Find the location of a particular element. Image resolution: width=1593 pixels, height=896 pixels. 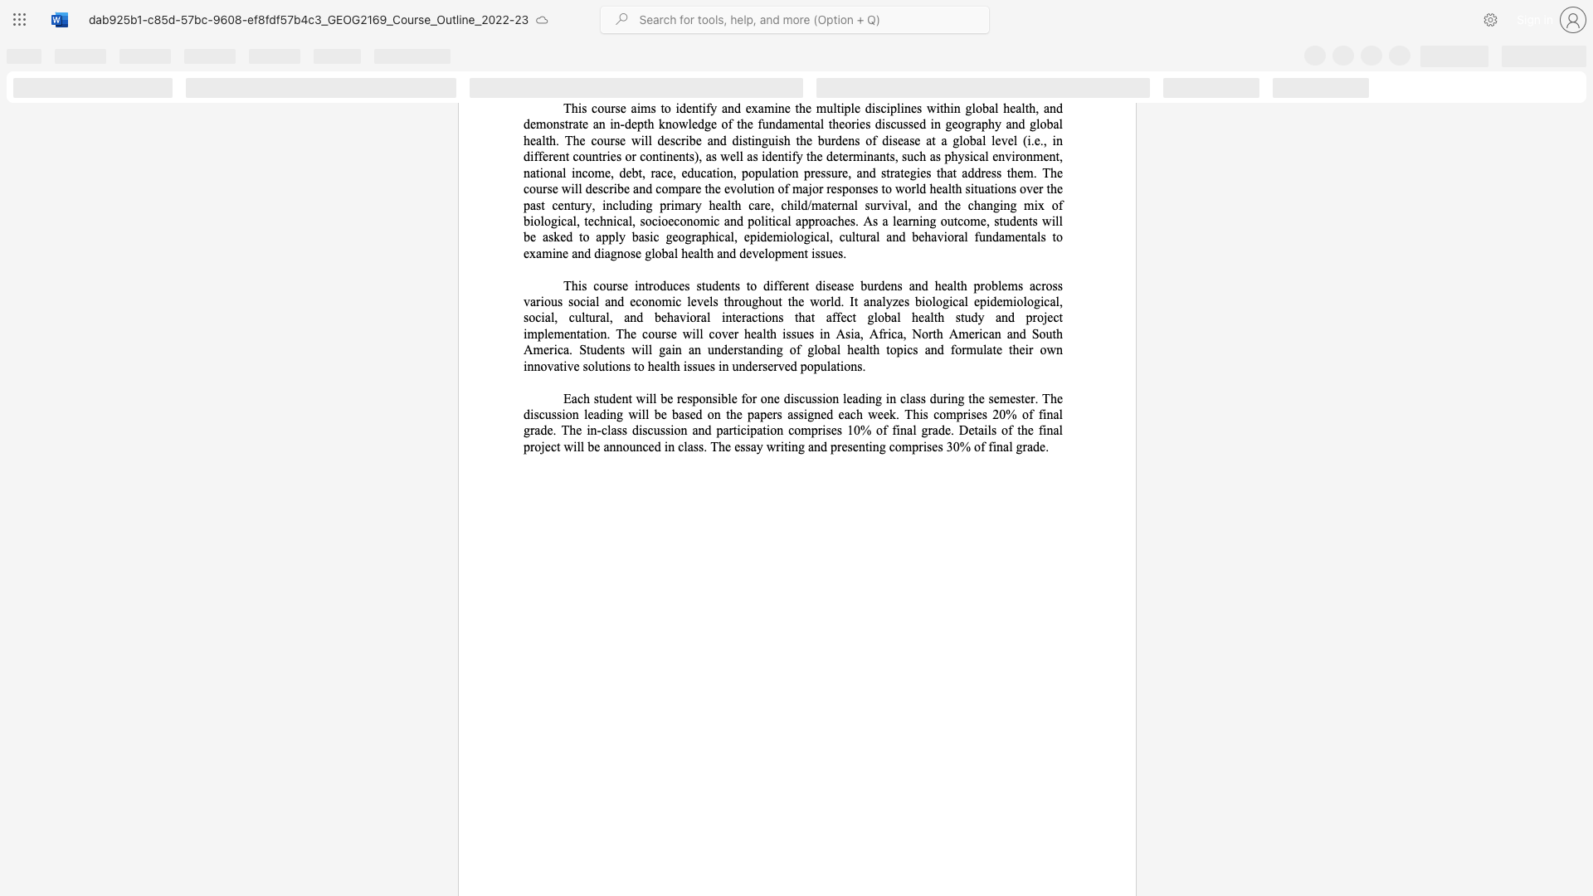

the subset text "ents" within the text "continents" is located at coordinates (673, 156).